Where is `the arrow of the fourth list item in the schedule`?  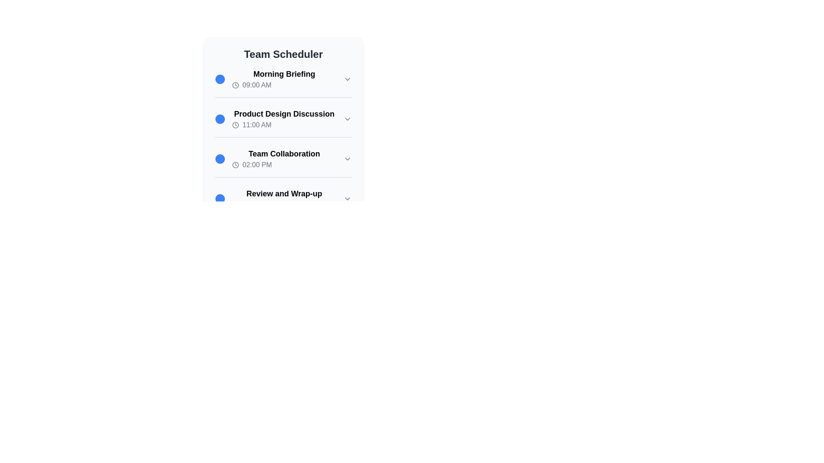 the arrow of the fourth list item in the schedule is located at coordinates (283, 198).